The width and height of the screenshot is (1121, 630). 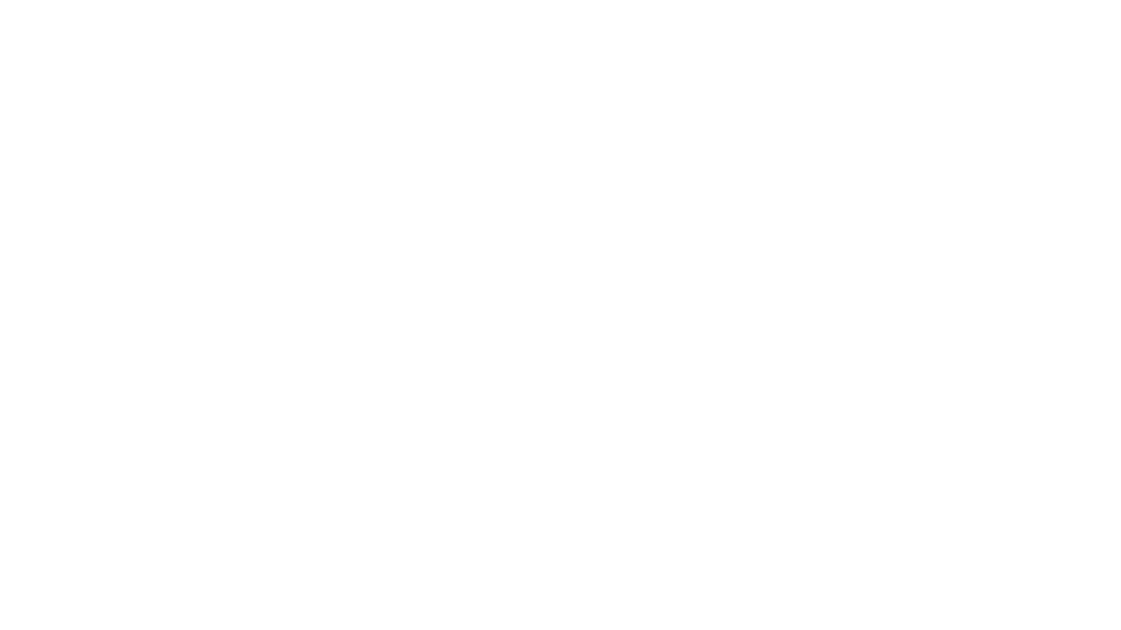 What do you see at coordinates (372, 106) in the screenshot?
I see `drewm.photo's profile picture` at bounding box center [372, 106].